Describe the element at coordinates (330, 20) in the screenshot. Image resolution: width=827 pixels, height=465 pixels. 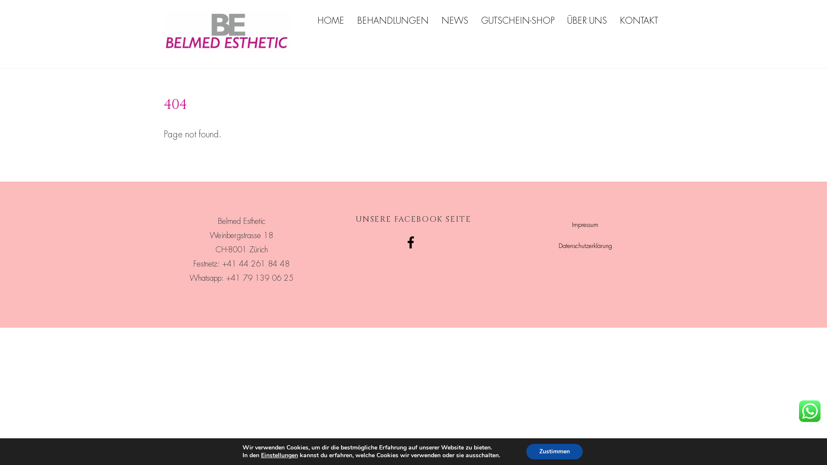
I see `'HOME'` at that location.